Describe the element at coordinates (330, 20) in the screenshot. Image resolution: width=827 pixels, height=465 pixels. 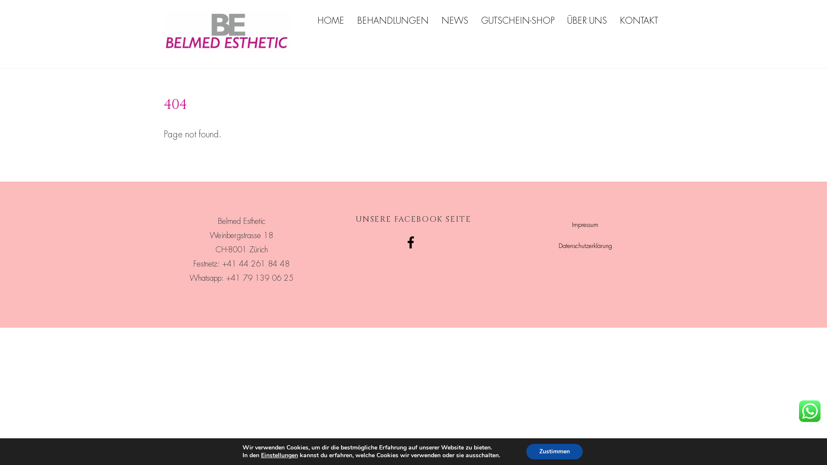
I see `'HOME'` at that location.